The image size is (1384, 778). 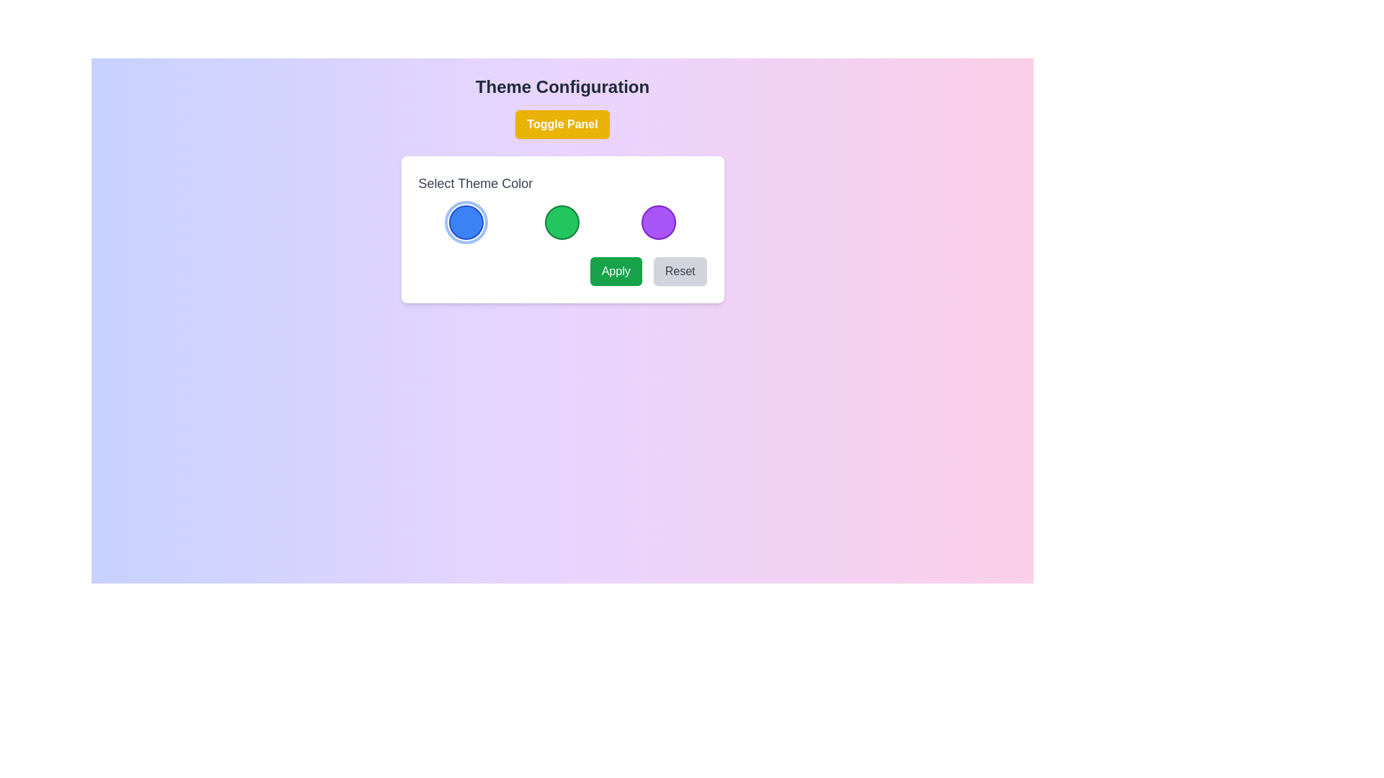 I want to click on the button located beneath the 'Theme Configuration' title, so click(x=562, y=124).